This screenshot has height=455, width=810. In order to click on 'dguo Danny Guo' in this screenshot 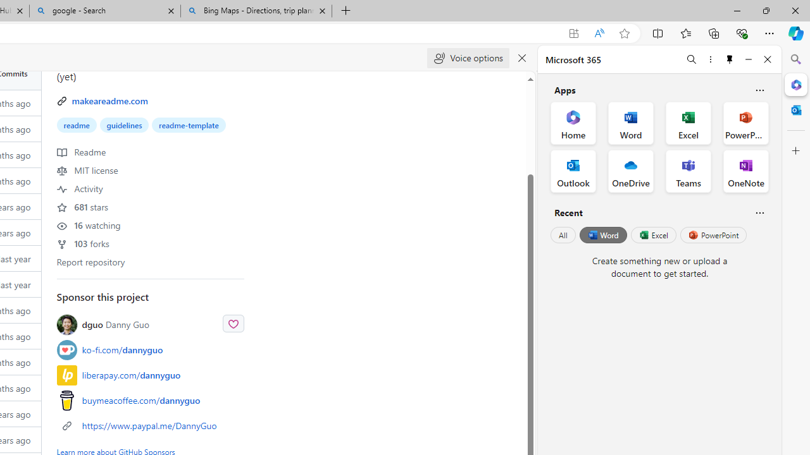, I will do `click(115, 324)`.